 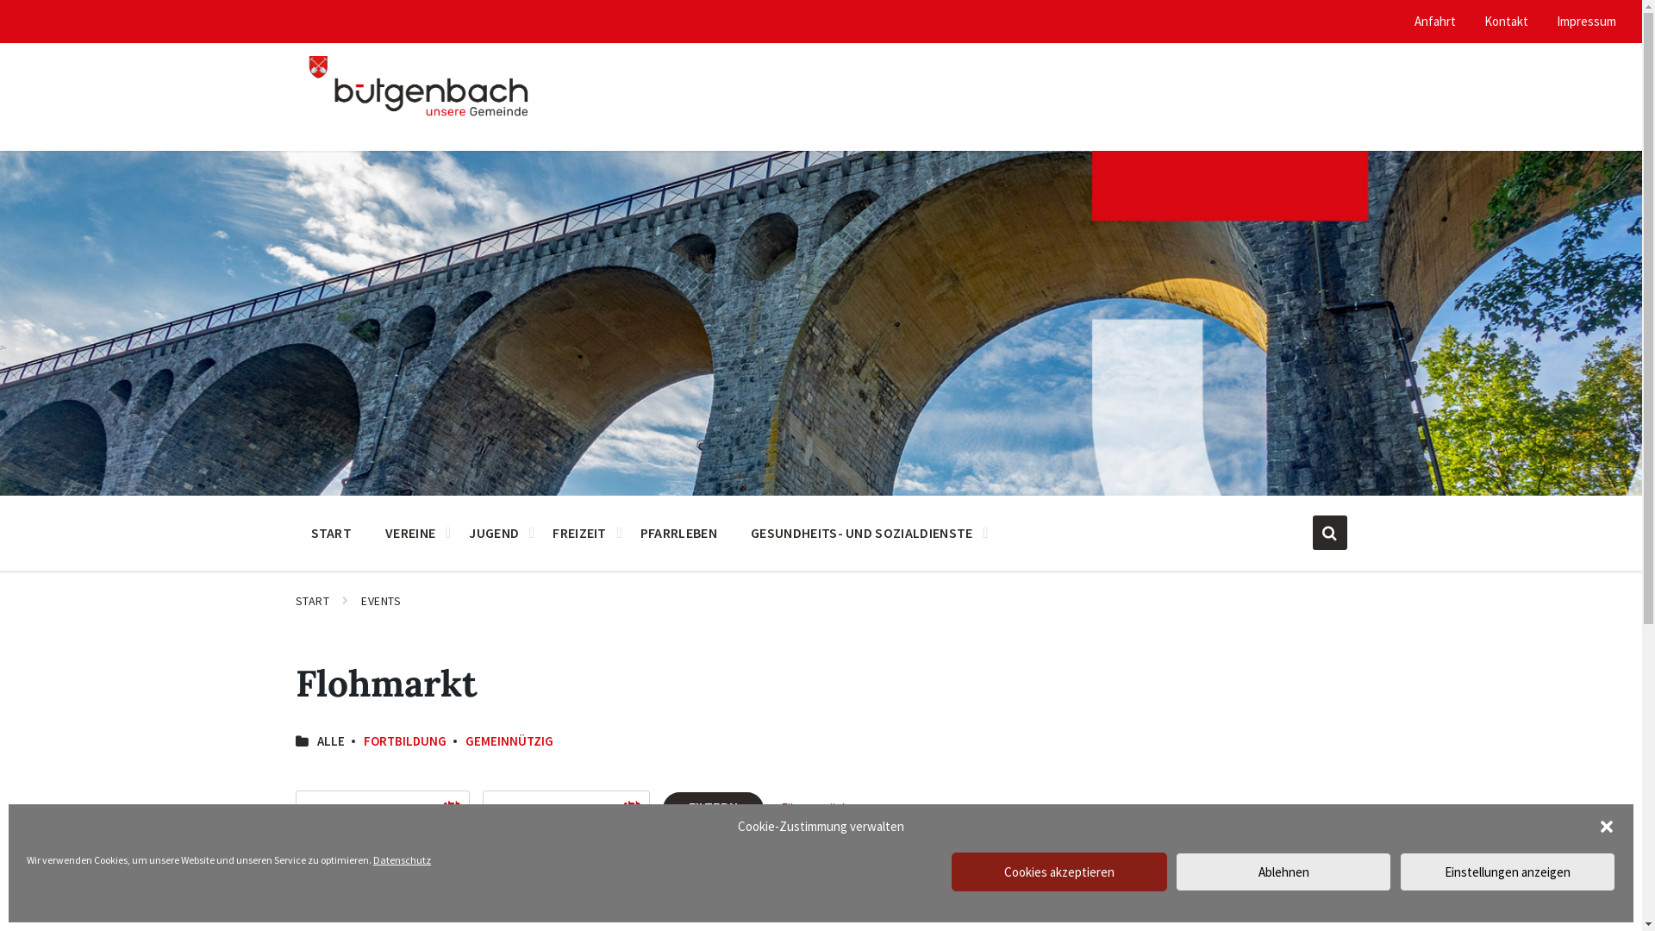 I want to click on 'Cookies akzeptieren', so click(x=1058, y=872).